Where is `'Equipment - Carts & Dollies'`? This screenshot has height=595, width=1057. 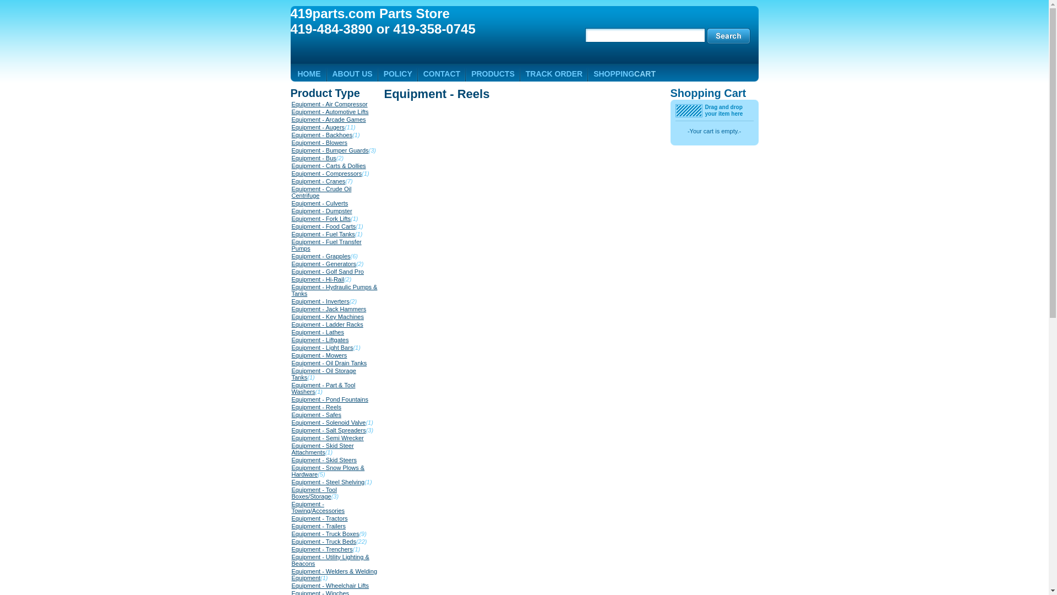
'Equipment - Carts & Dollies' is located at coordinates (328, 165).